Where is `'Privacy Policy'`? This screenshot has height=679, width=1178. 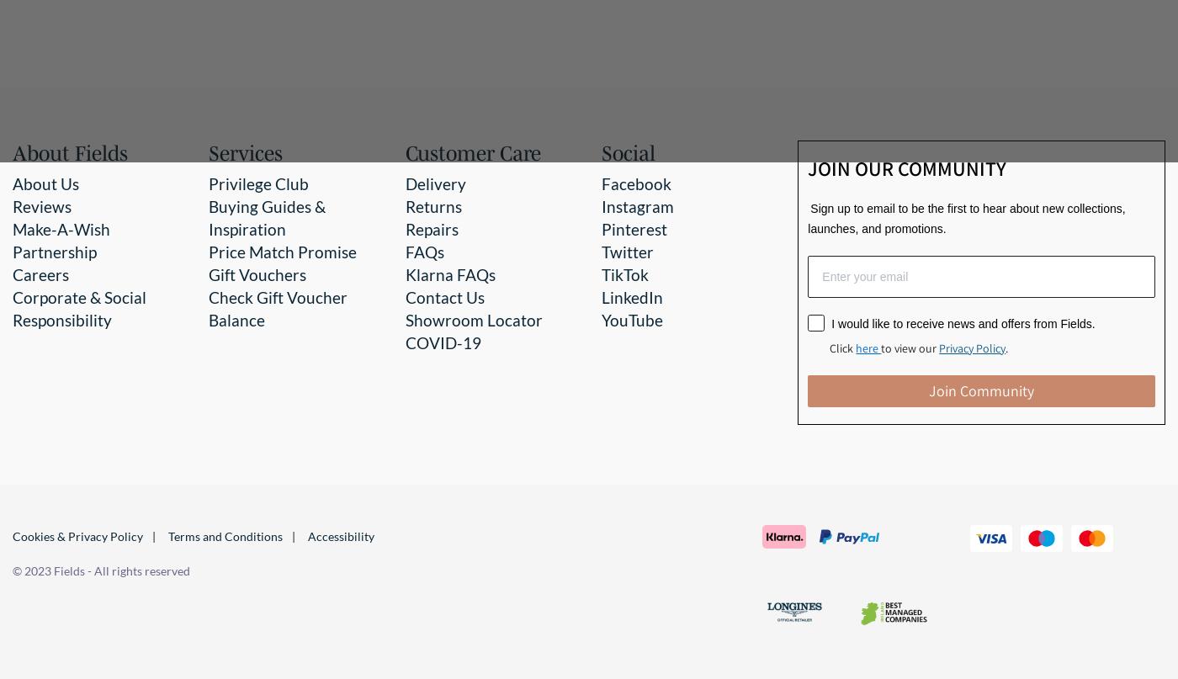
'Privacy Policy' is located at coordinates (972, 347).